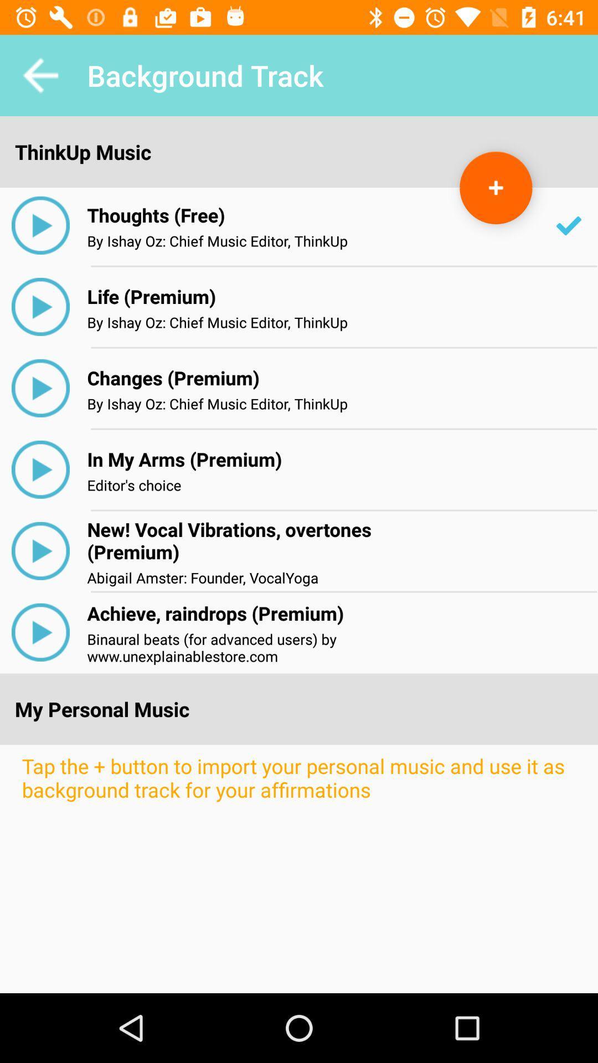 This screenshot has width=598, height=1063. I want to click on the add icon, so click(495, 188).